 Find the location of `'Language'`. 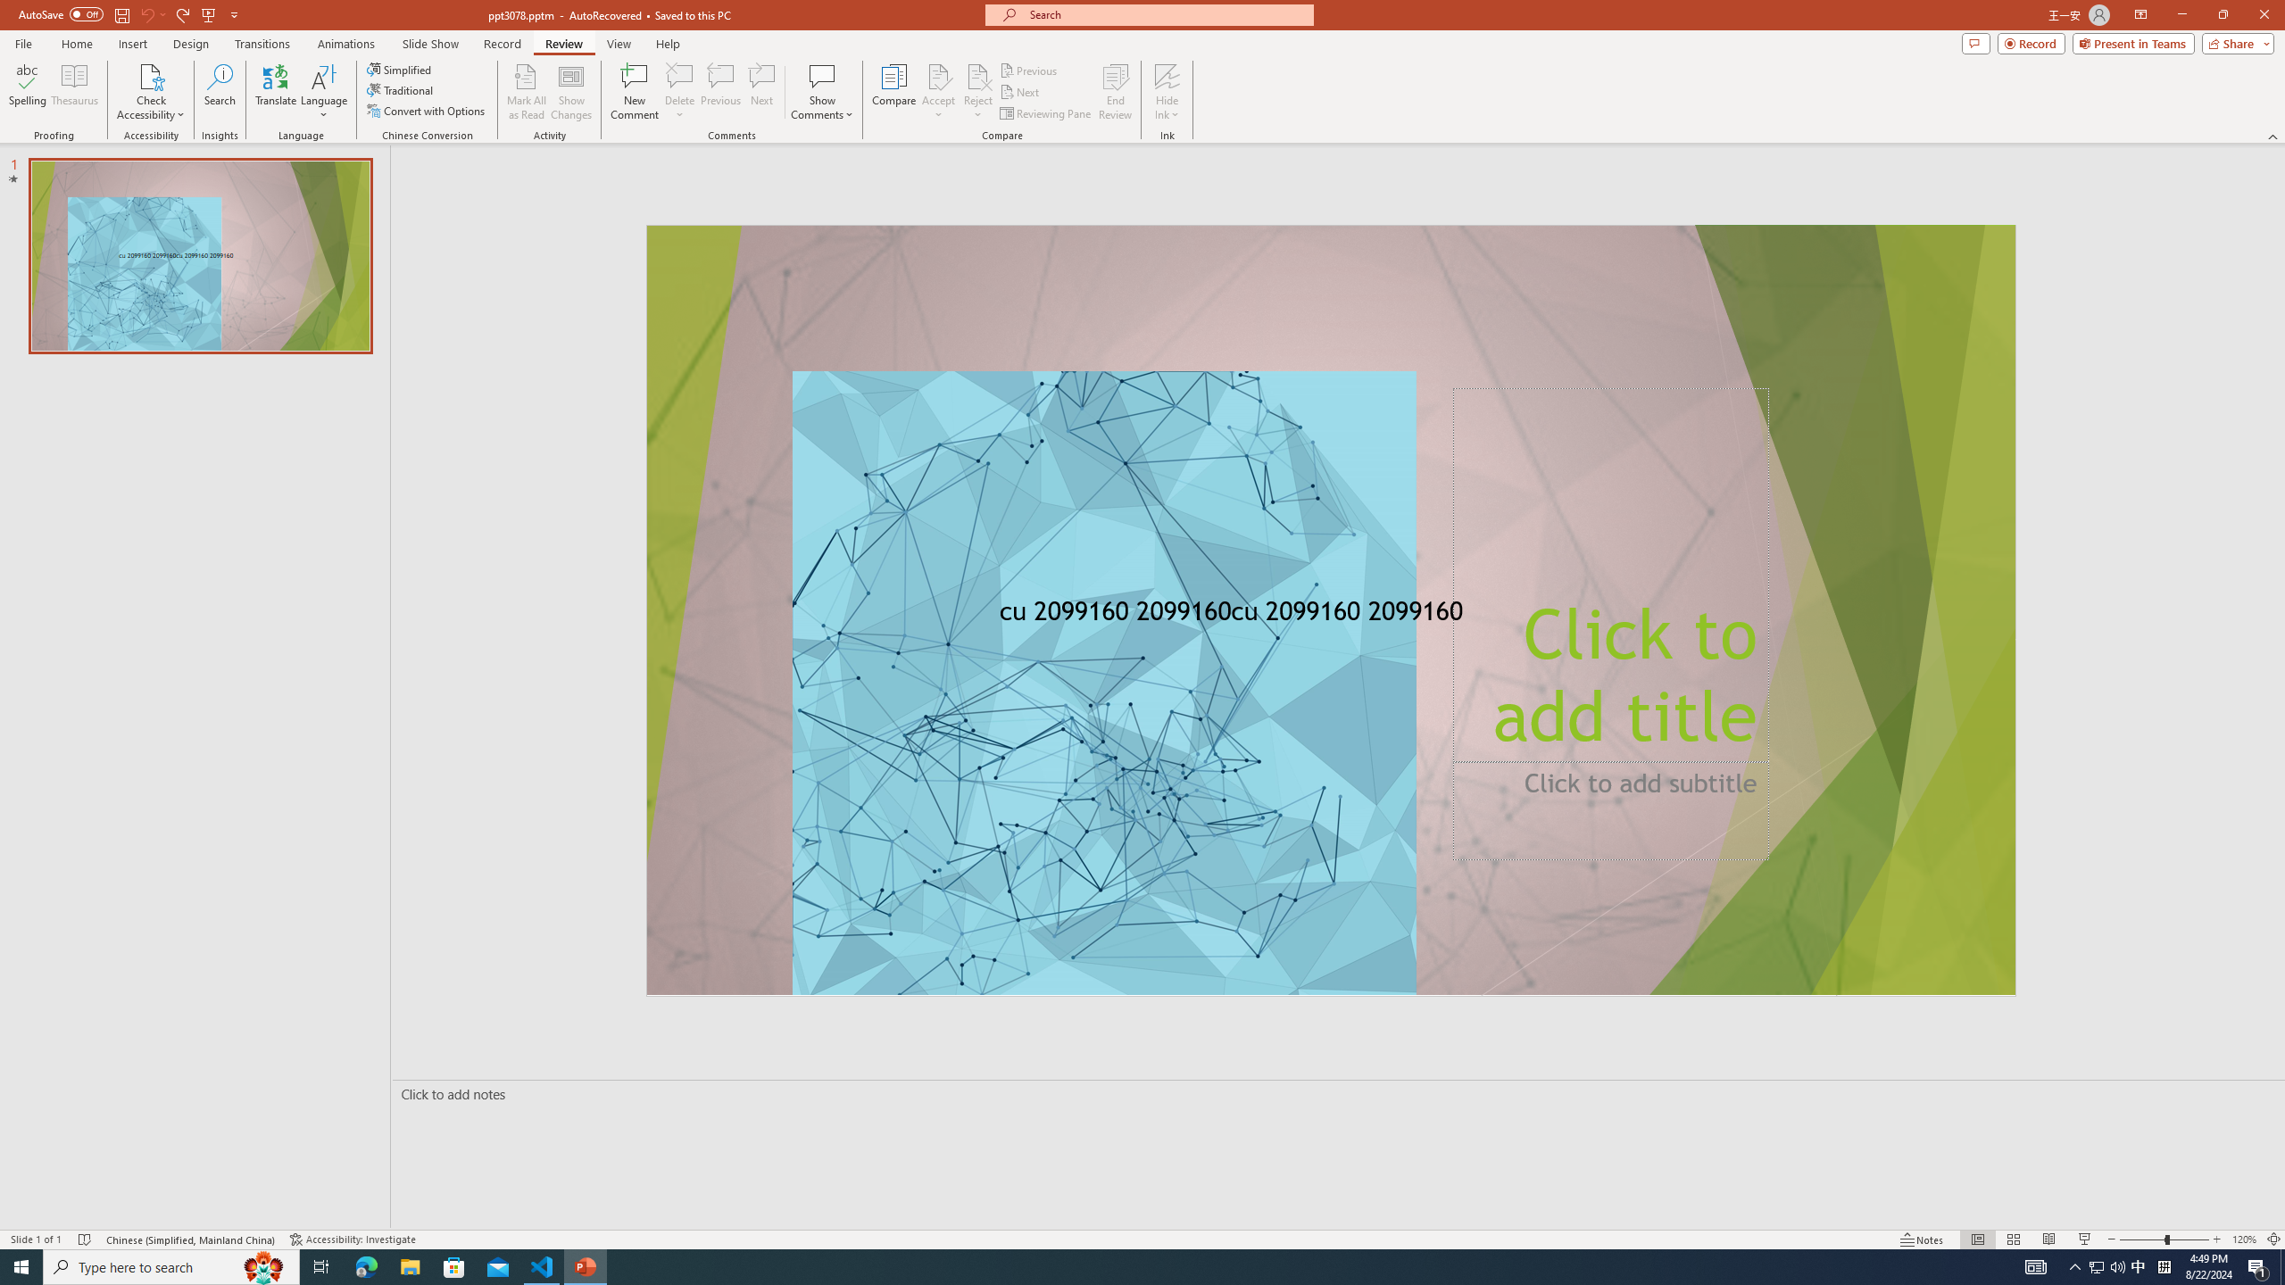

'Language' is located at coordinates (323, 92).